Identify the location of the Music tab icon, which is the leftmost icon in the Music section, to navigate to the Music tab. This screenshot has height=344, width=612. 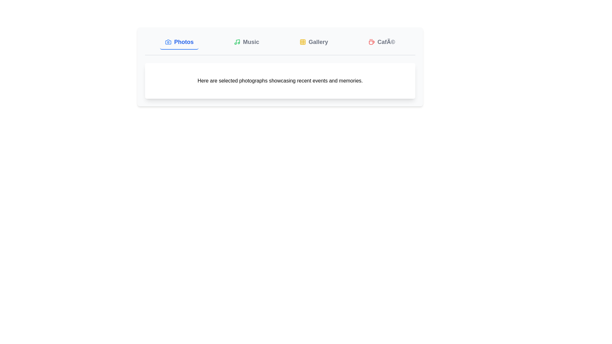
(237, 42).